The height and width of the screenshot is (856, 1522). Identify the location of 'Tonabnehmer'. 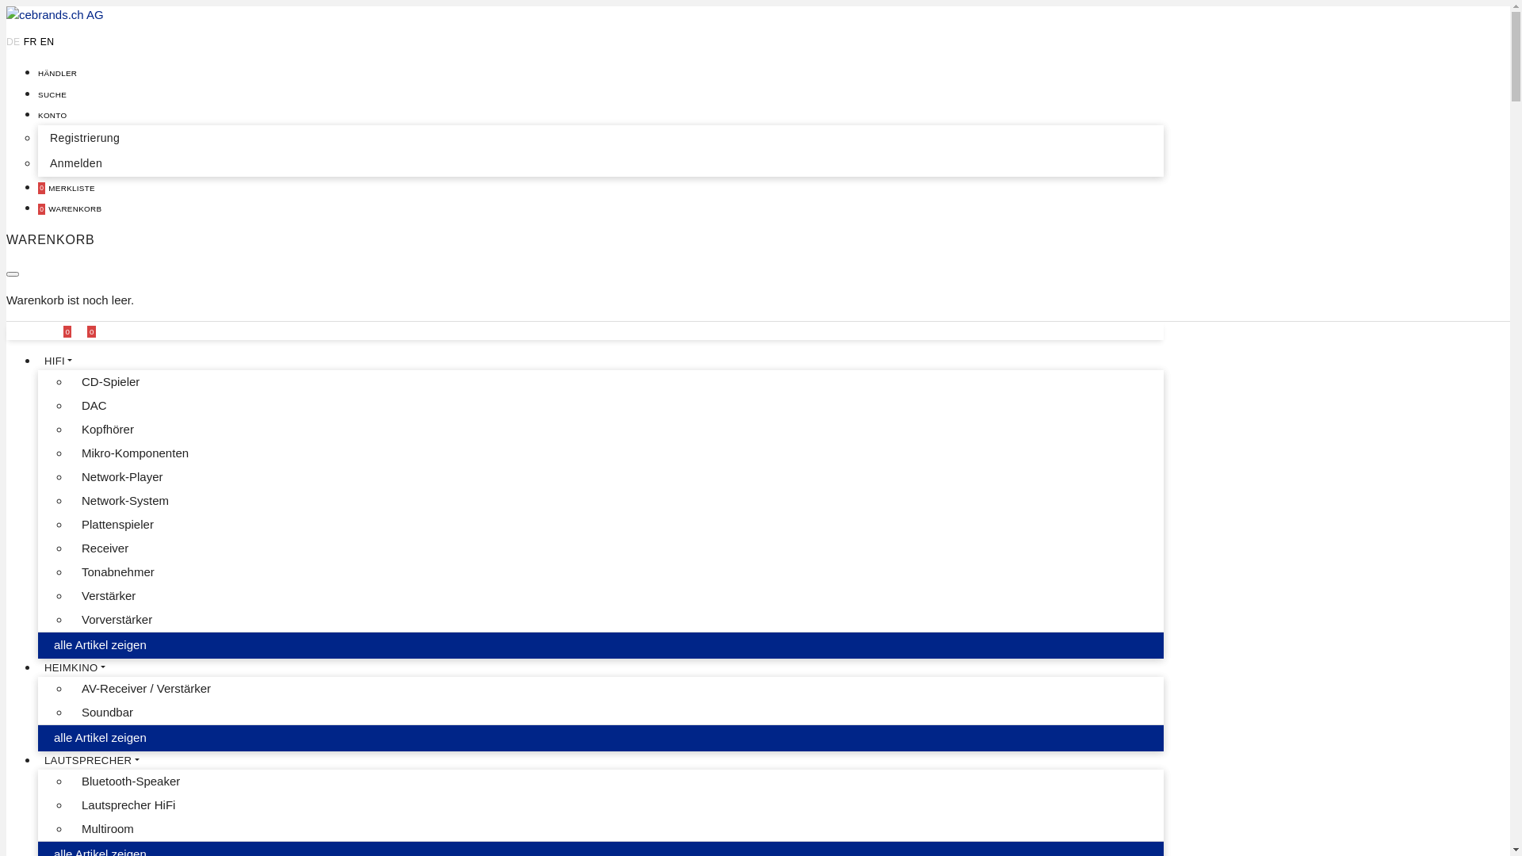
(68, 571).